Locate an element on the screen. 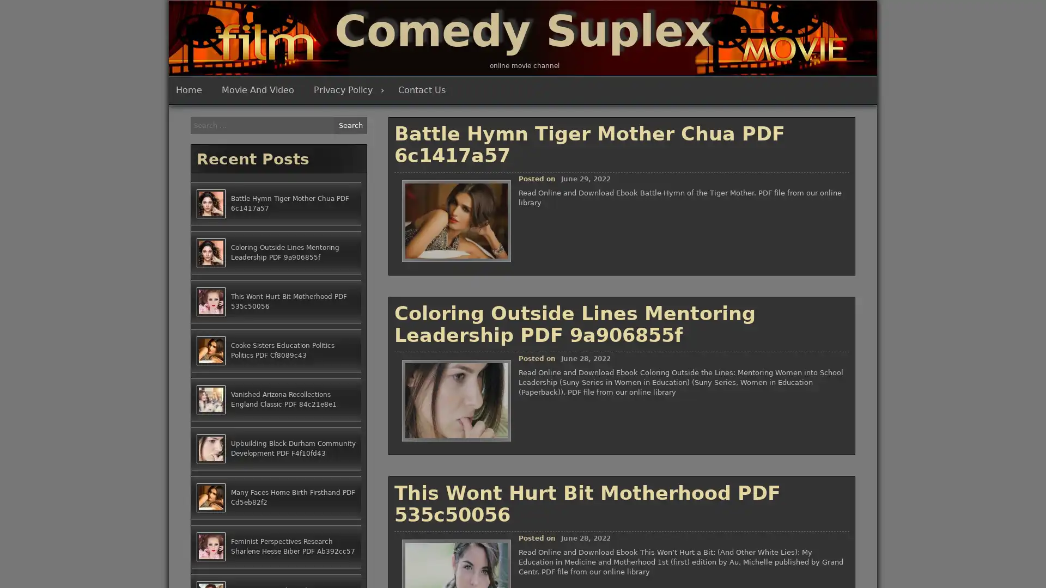 This screenshot has height=588, width=1046. Search is located at coordinates (350, 125).